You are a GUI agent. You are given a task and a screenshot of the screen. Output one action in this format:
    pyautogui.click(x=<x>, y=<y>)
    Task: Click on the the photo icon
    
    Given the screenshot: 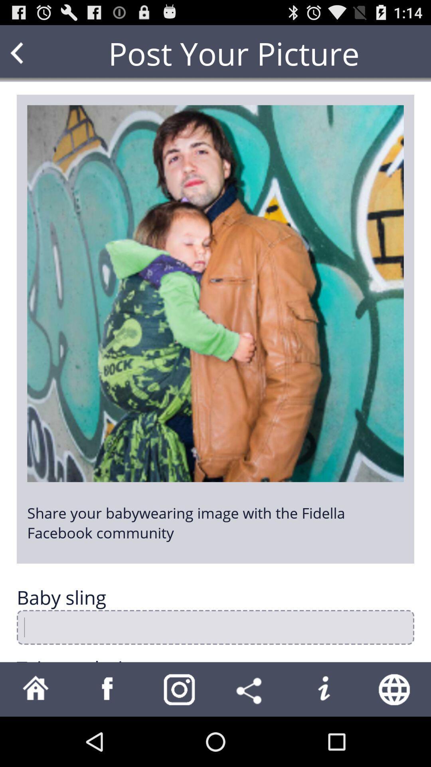 What is the action you would take?
    pyautogui.click(x=180, y=737)
    